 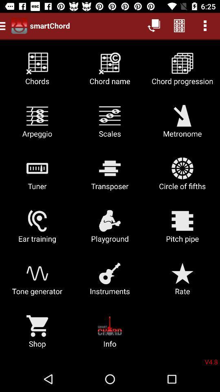 I want to click on the emoji icon, so click(x=19, y=25).